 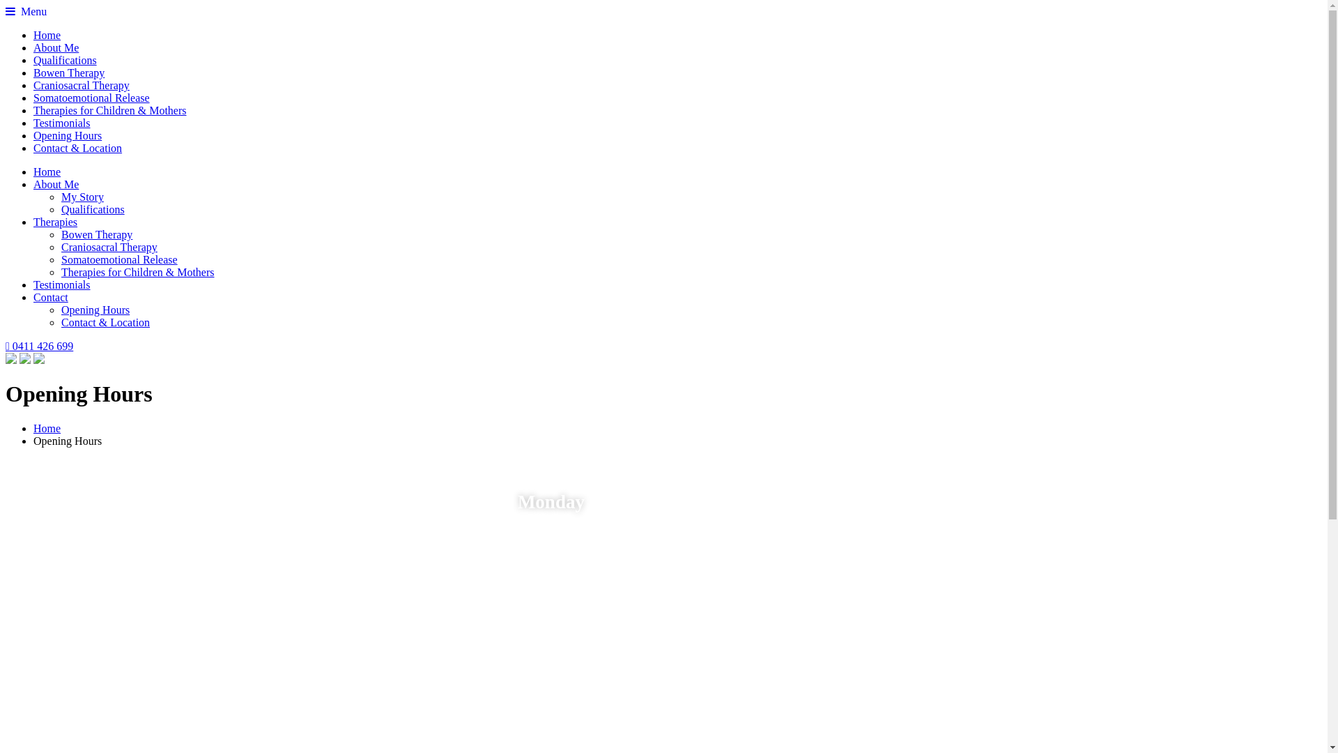 I want to click on 'Contact', so click(x=50, y=296).